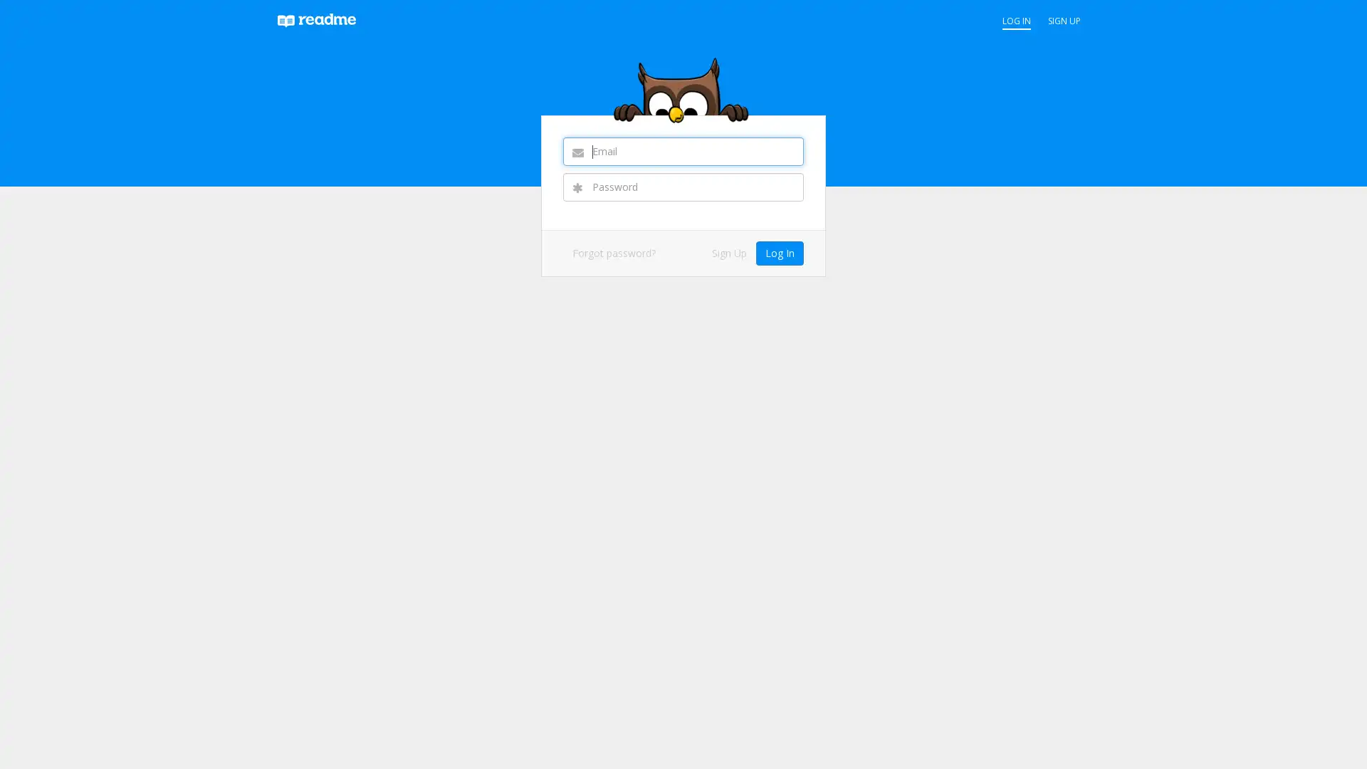 This screenshot has width=1367, height=769. Describe the element at coordinates (779, 252) in the screenshot. I see `Log In` at that location.